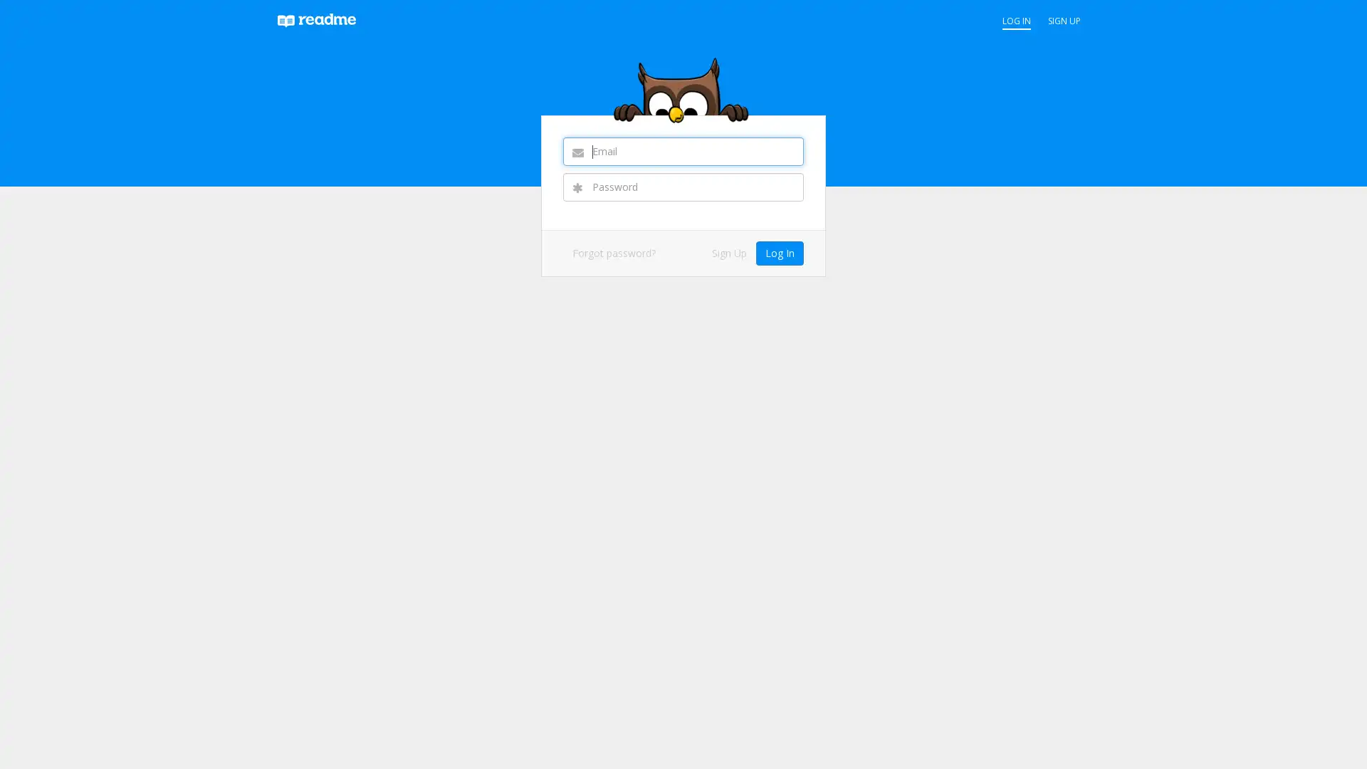 This screenshot has width=1367, height=769. Describe the element at coordinates (779, 252) in the screenshot. I see `Log In` at that location.